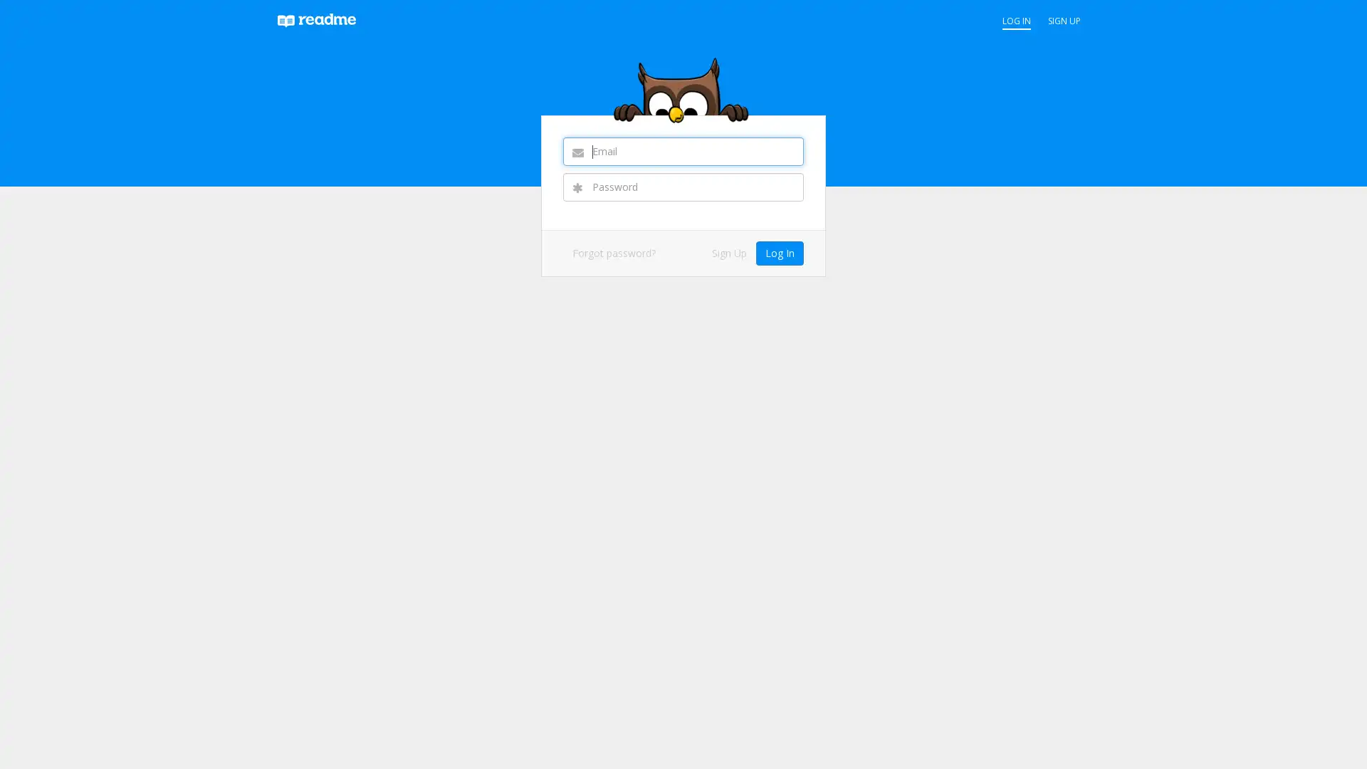 This screenshot has width=1367, height=769. Describe the element at coordinates (779, 252) in the screenshot. I see `Log In` at that location.